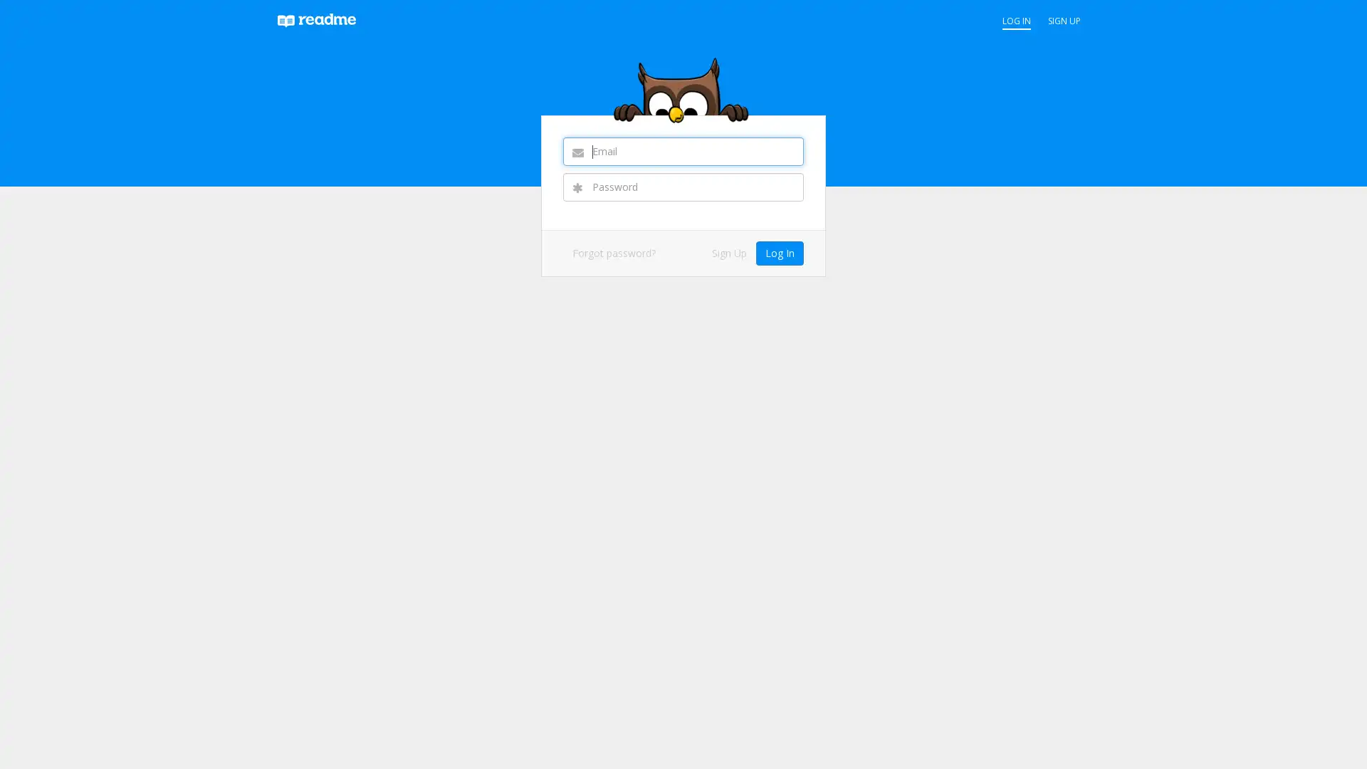 This screenshot has width=1367, height=769. Describe the element at coordinates (779, 252) in the screenshot. I see `Log In` at that location.